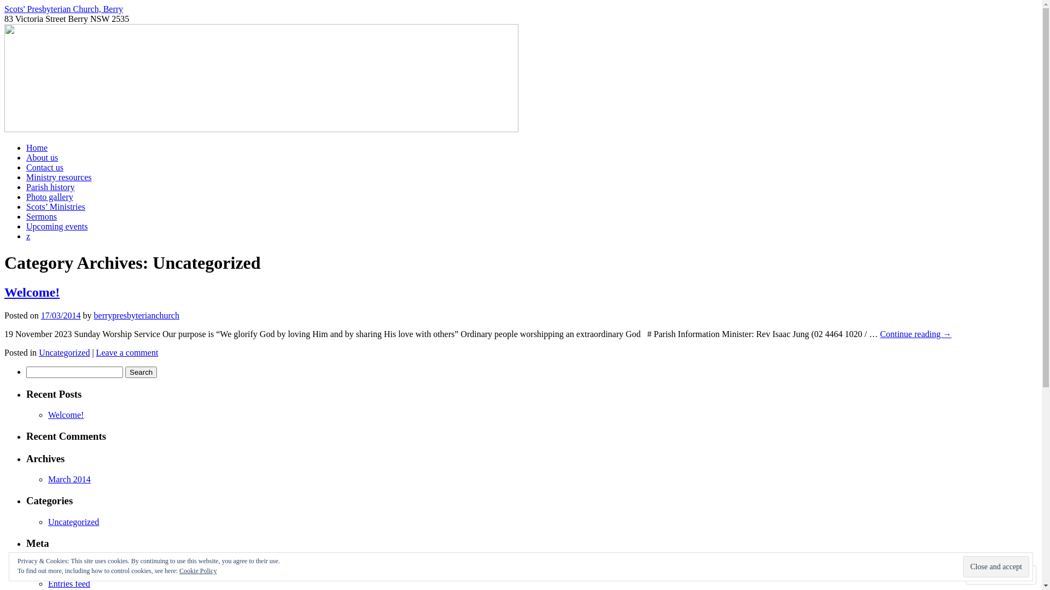  Describe the element at coordinates (47, 564) in the screenshot. I see `'Register'` at that location.